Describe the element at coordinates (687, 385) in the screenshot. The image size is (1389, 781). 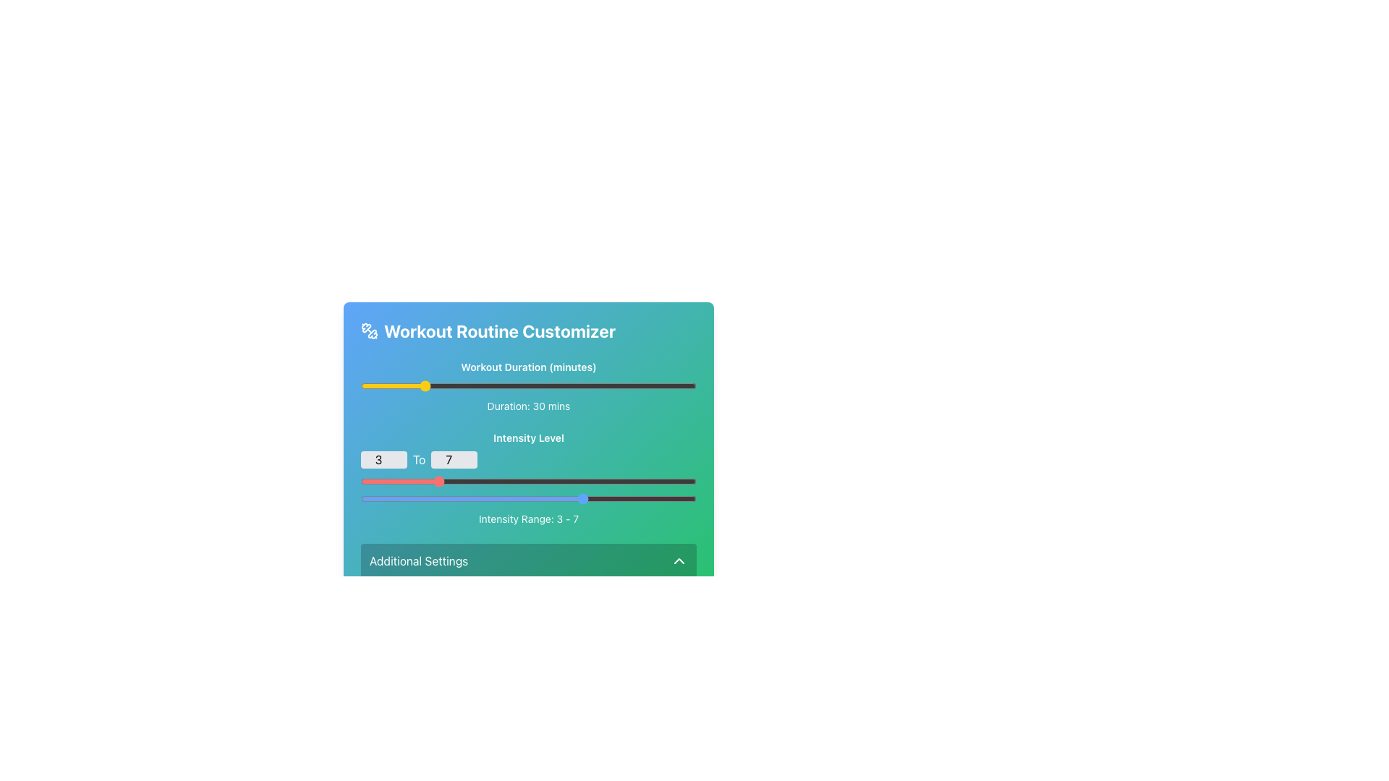
I see `workout duration` at that location.